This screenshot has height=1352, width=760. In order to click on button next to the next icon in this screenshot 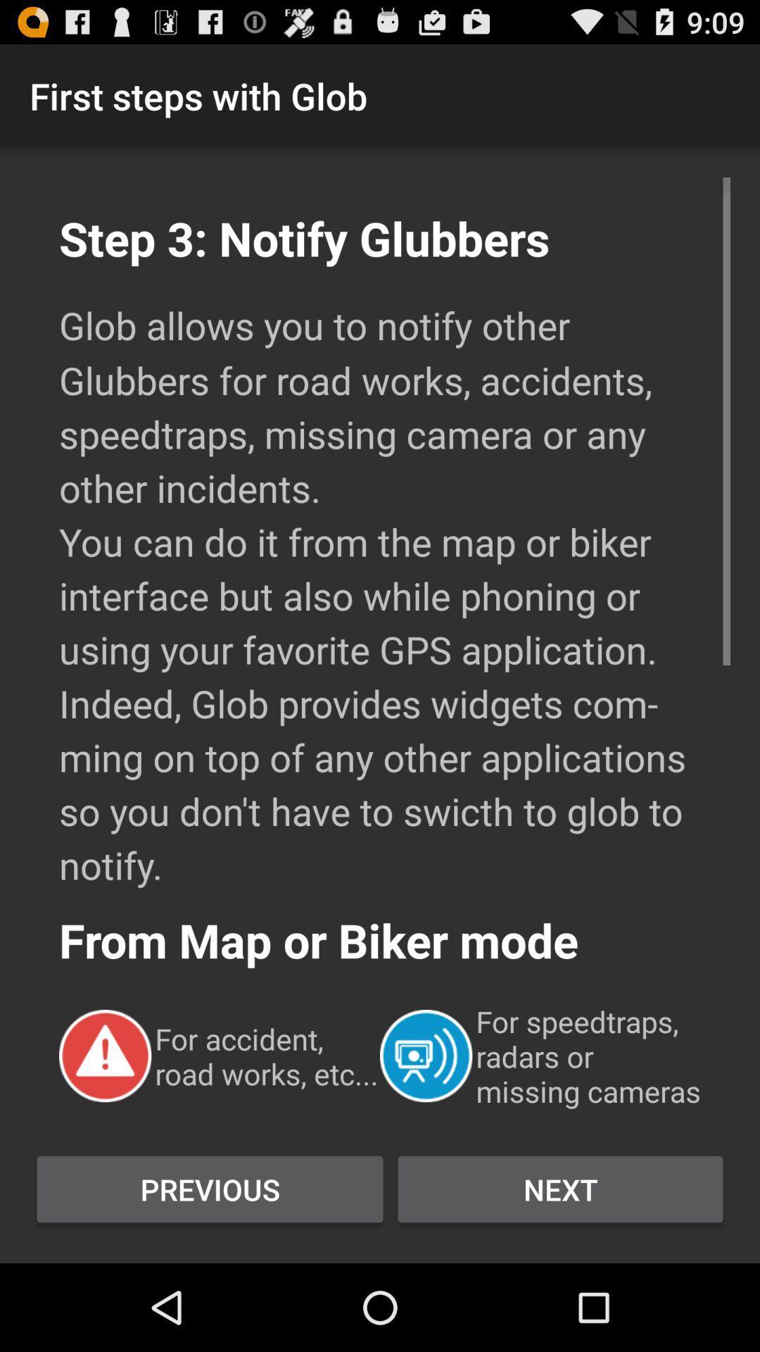, I will do `click(210, 1189)`.